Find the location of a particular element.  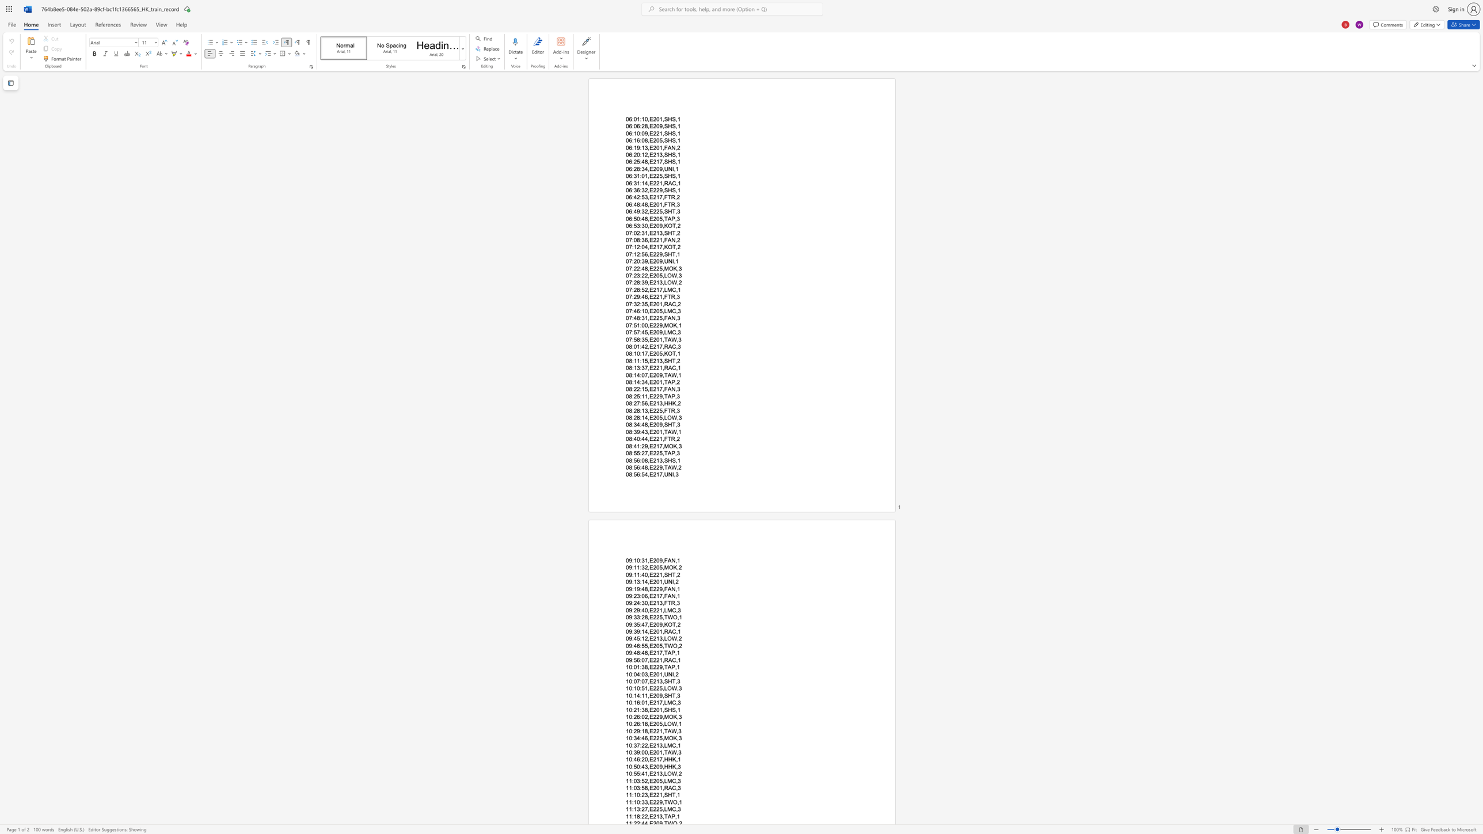

the space between the continuous character "1" and ":" in the text is located at coordinates (640, 361).